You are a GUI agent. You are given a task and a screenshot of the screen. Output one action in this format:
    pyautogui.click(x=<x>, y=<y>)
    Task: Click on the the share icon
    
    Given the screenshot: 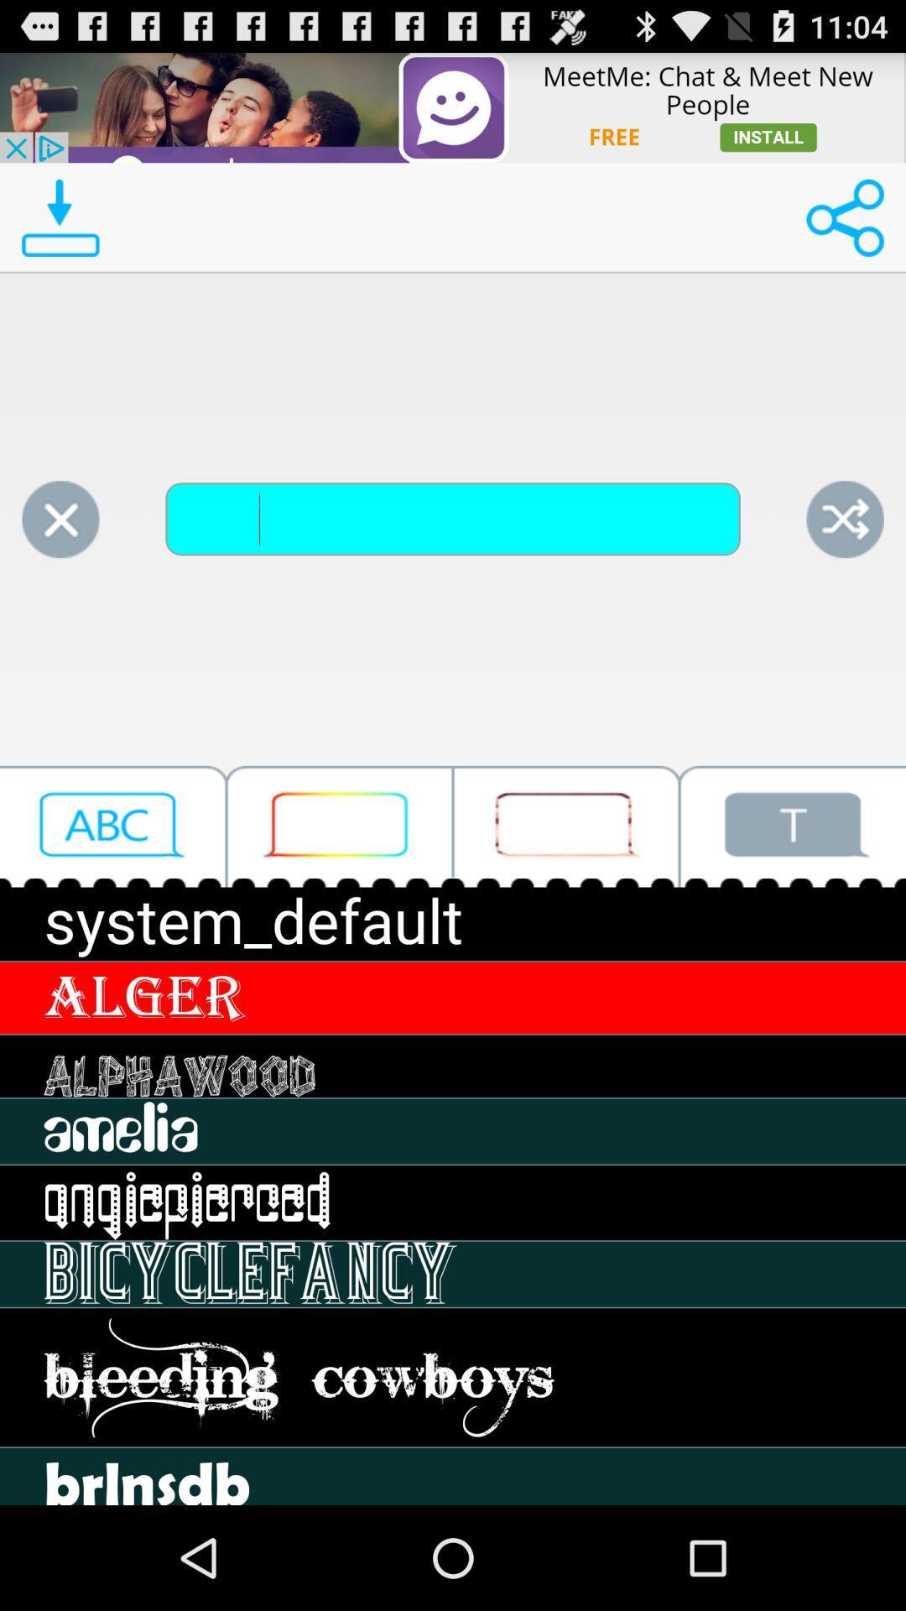 What is the action you would take?
    pyautogui.click(x=845, y=232)
    